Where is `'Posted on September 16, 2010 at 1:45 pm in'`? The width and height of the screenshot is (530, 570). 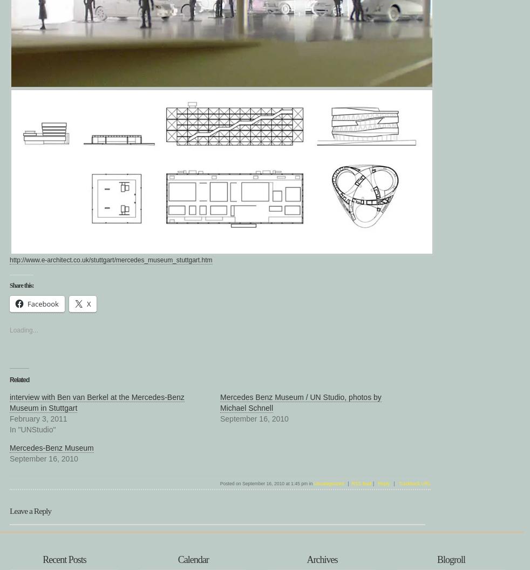 'Posted on September 16, 2010 at 1:45 pm in' is located at coordinates (266, 483).